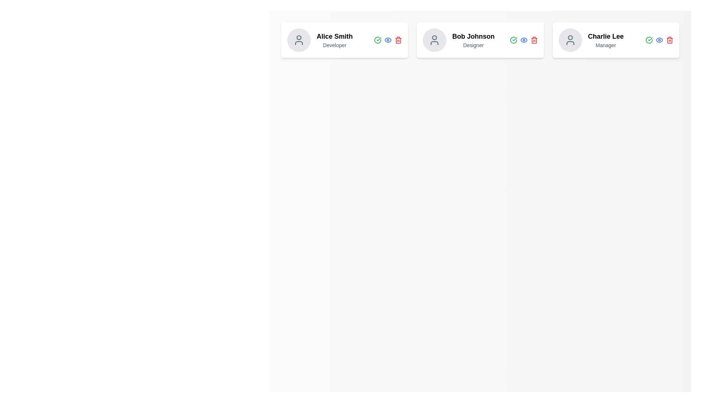 The height and width of the screenshot is (398, 707). Describe the element at coordinates (670, 41) in the screenshot. I see `the trash can icon located to the right of 'Charlie Lee'` at that location.